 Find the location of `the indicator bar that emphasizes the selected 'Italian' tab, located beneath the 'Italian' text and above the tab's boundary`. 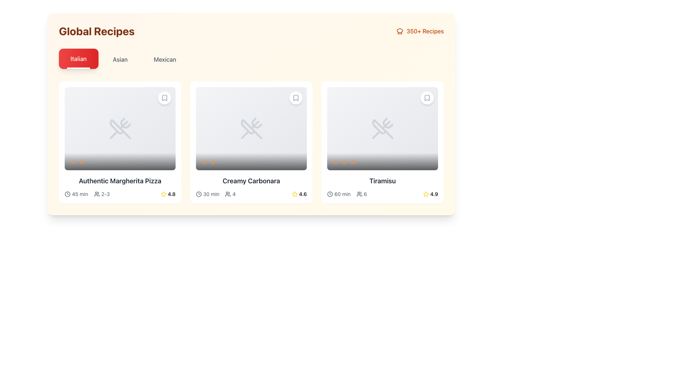

the indicator bar that emphasizes the selected 'Italian' tab, located beneath the 'Italian' text and above the tab's boundary is located at coordinates (79, 68).